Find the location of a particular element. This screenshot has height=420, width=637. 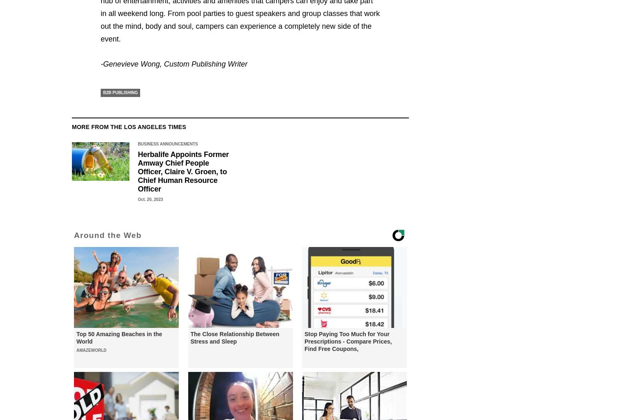

'Herbalife Appoints Former Amway Chief People Officer, Claire V. Groen, to Chief Human Resource Officer' is located at coordinates (183, 171).